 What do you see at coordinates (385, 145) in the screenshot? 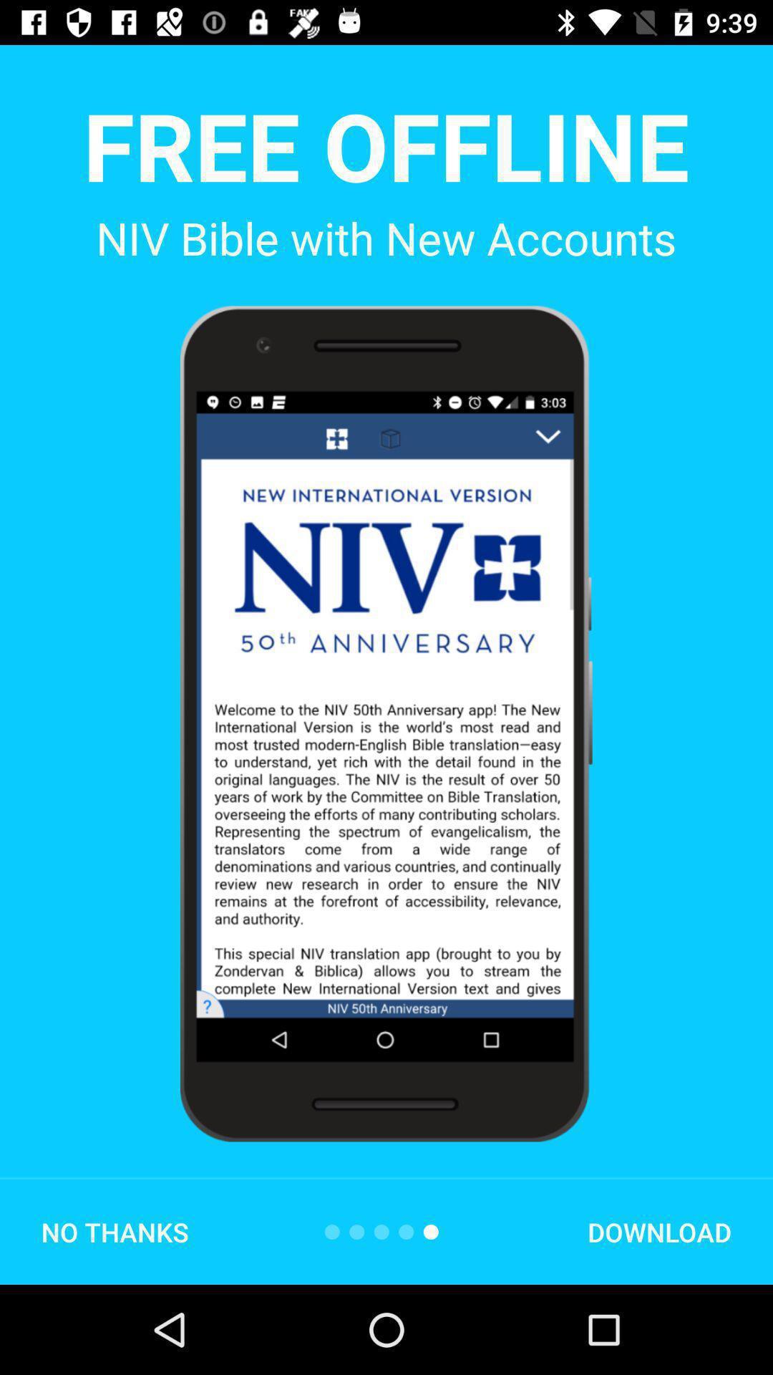
I see `free offline item` at bounding box center [385, 145].